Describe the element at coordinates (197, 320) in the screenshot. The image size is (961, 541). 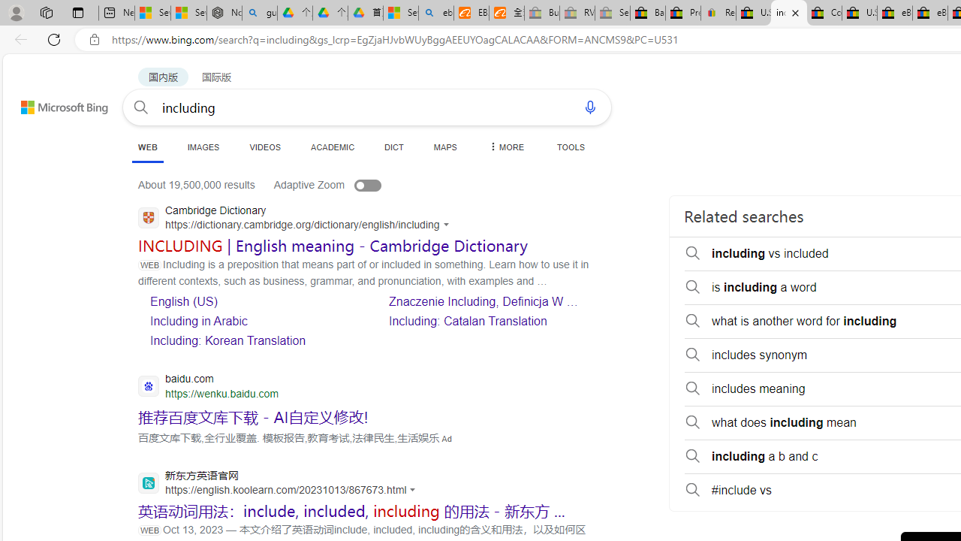
I see `'Including in Arabic'` at that location.